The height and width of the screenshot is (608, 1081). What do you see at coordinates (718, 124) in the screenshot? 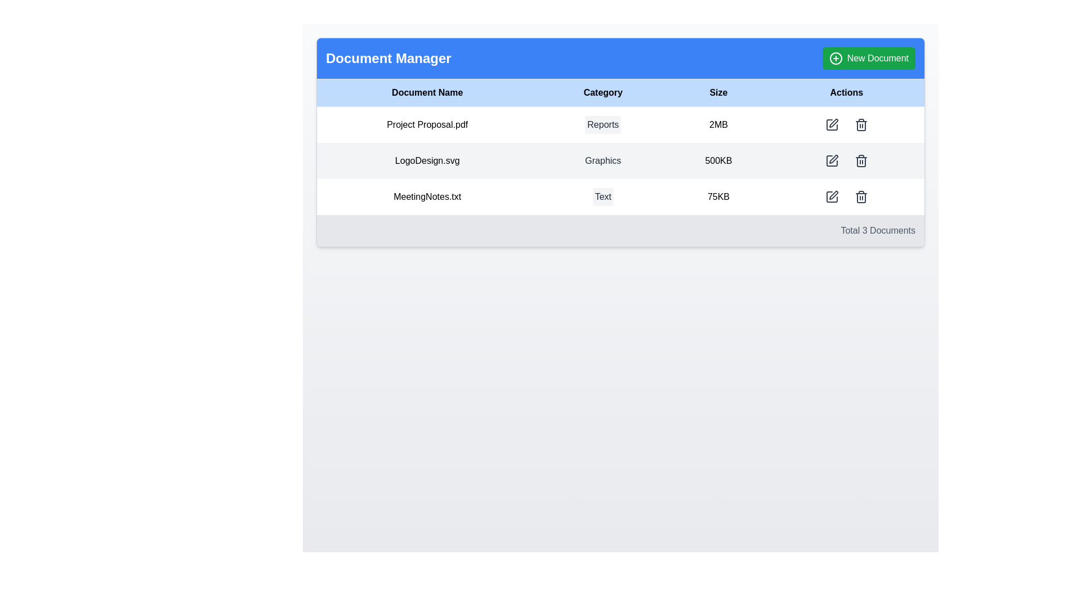
I see `the text label displaying '2MB' located in the 'Size' column of the first row in the main content table` at bounding box center [718, 124].